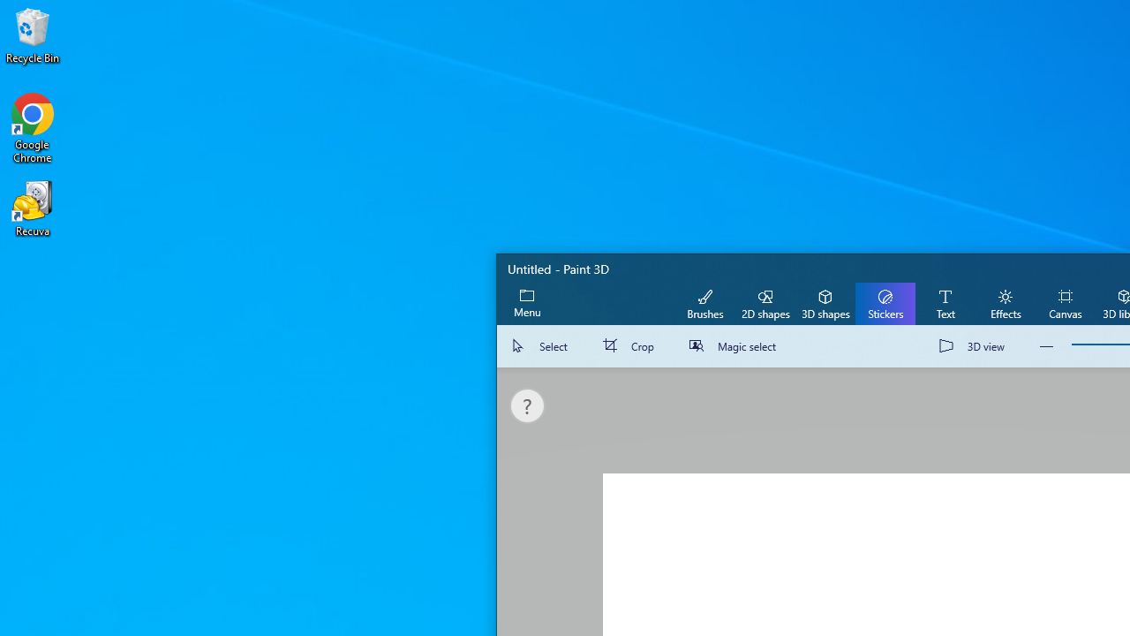  What do you see at coordinates (765, 302) in the screenshot?
I see `'2D shapes'` at bounding box center [765, 302].